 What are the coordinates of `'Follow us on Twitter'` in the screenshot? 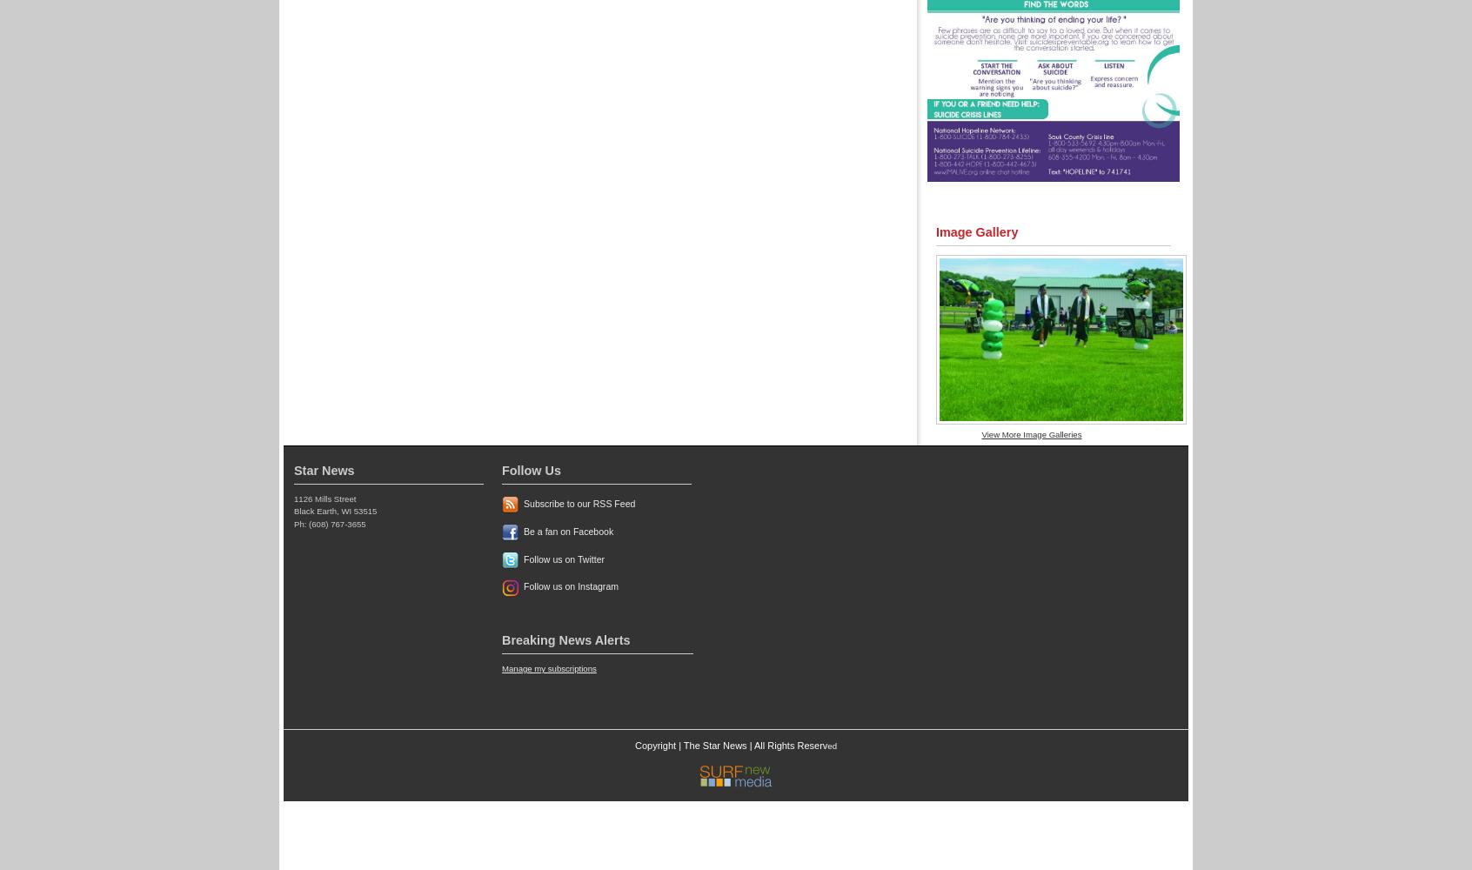 It's located at (523, 559).